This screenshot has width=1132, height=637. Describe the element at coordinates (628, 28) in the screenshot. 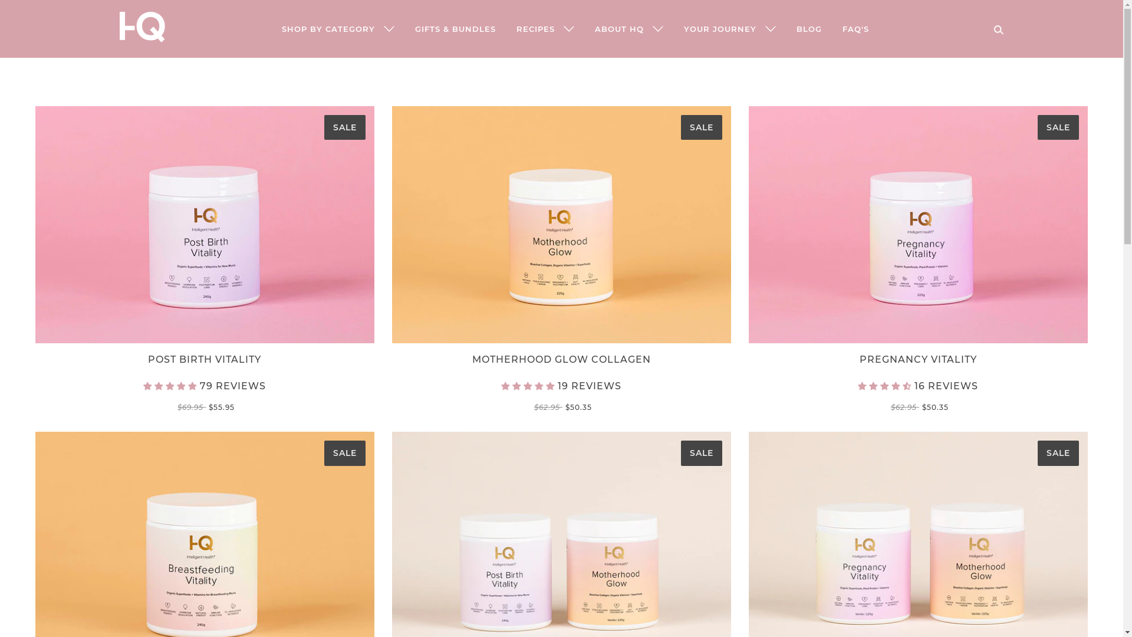

I see `'ABOUT HQ'` at that location.